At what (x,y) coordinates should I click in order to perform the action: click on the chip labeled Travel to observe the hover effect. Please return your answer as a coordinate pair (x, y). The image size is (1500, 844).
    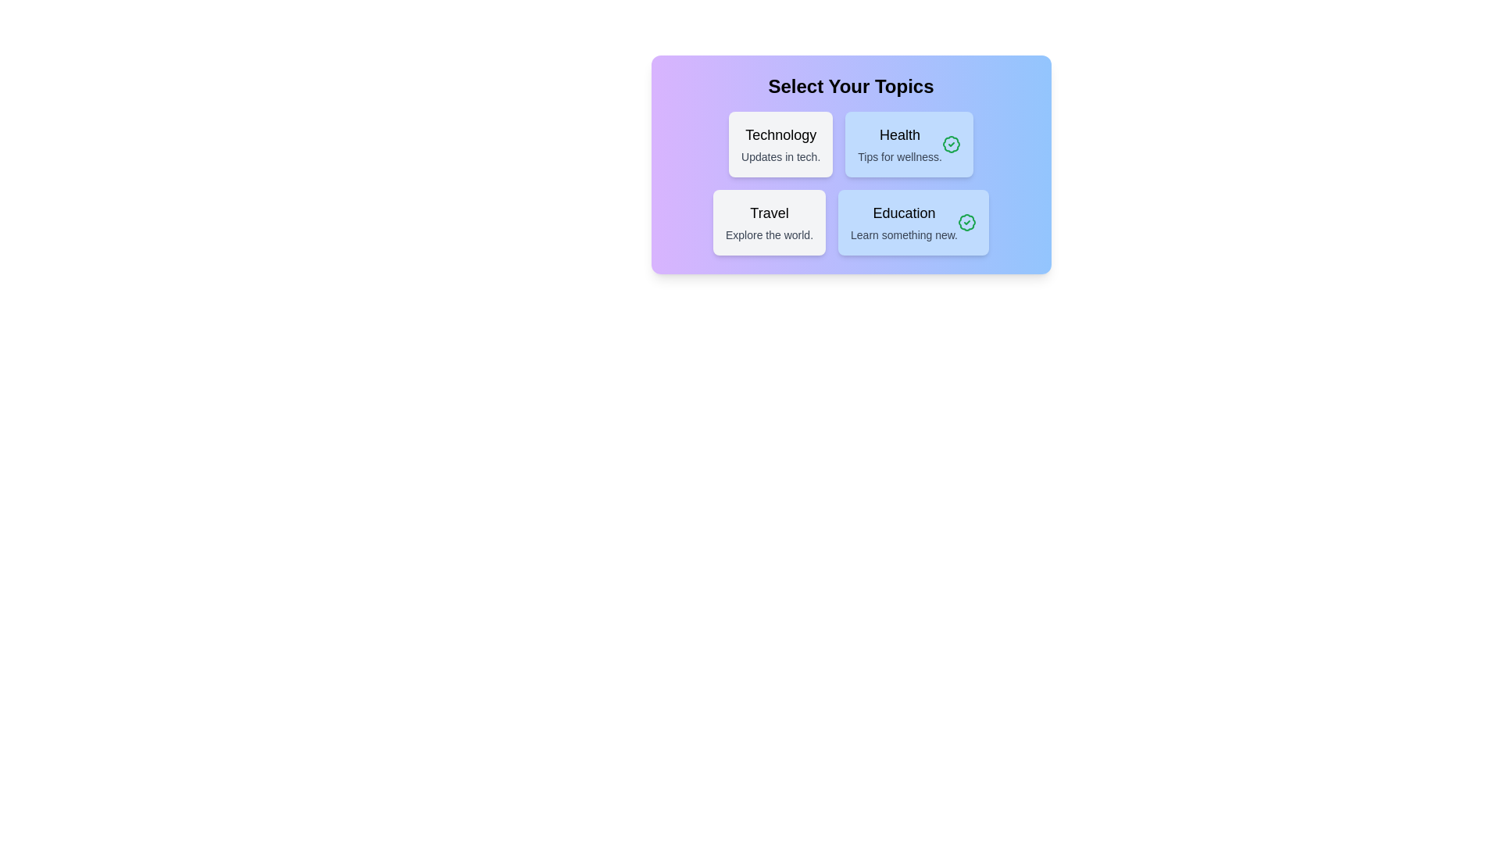
    Looking at the image, I should click on (769, 223).